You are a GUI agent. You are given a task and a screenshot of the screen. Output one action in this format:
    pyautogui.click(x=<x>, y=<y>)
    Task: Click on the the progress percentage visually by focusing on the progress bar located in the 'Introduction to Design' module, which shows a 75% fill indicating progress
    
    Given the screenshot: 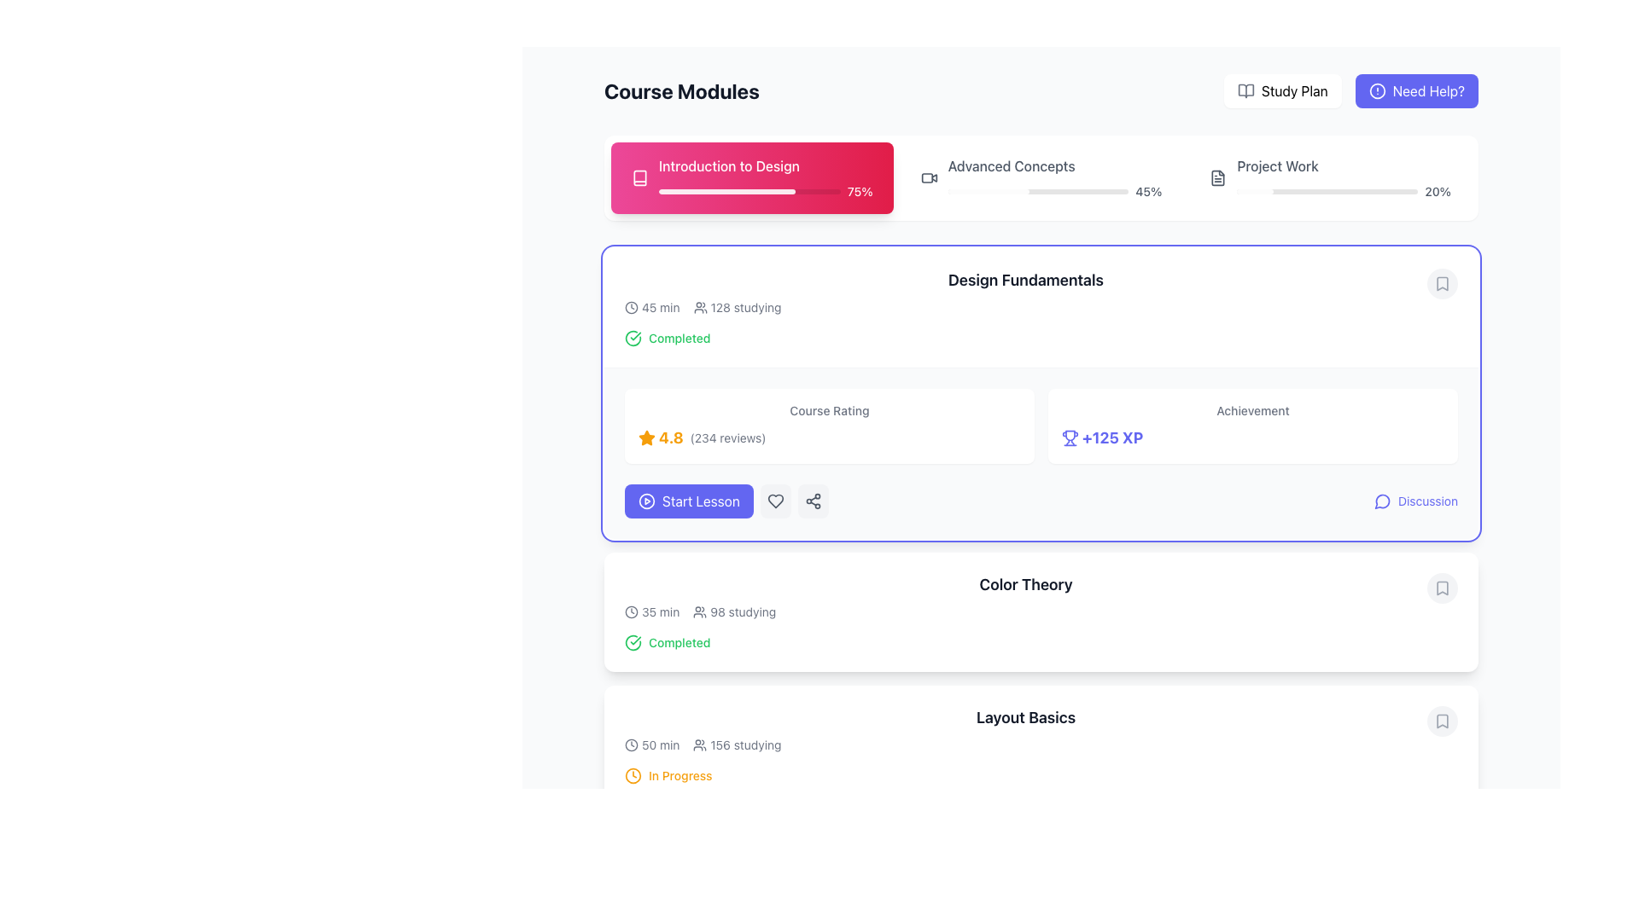 What is the action you would take?
    pyautogui.click(x=750, y=191)
    